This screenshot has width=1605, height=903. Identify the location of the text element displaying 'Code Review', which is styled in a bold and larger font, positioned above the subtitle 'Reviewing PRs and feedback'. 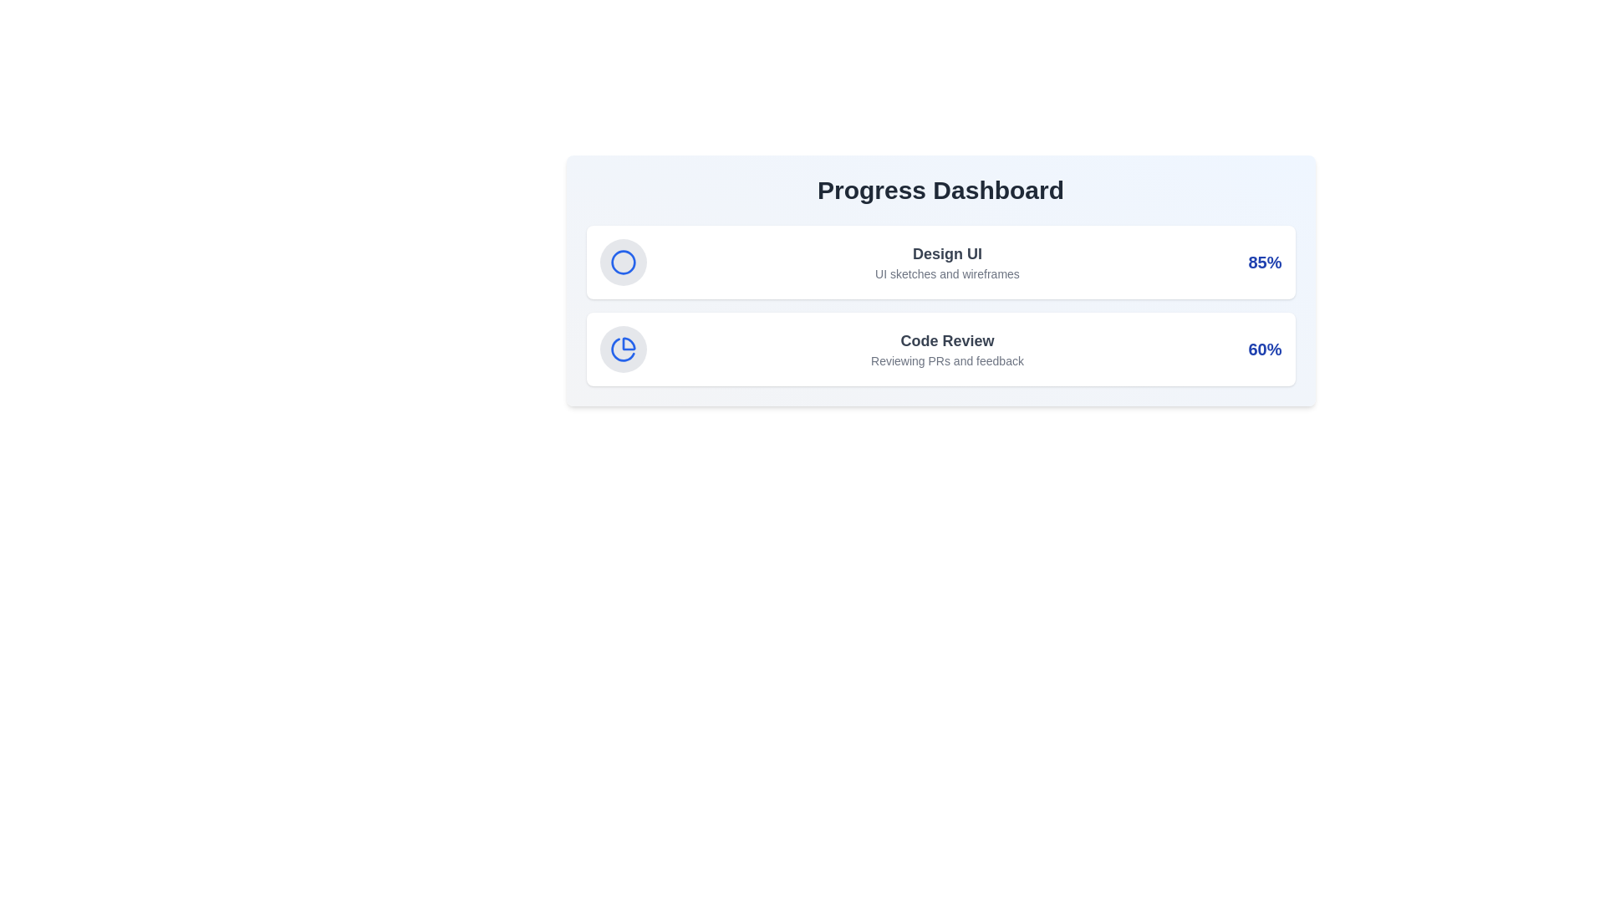
(947, 340).